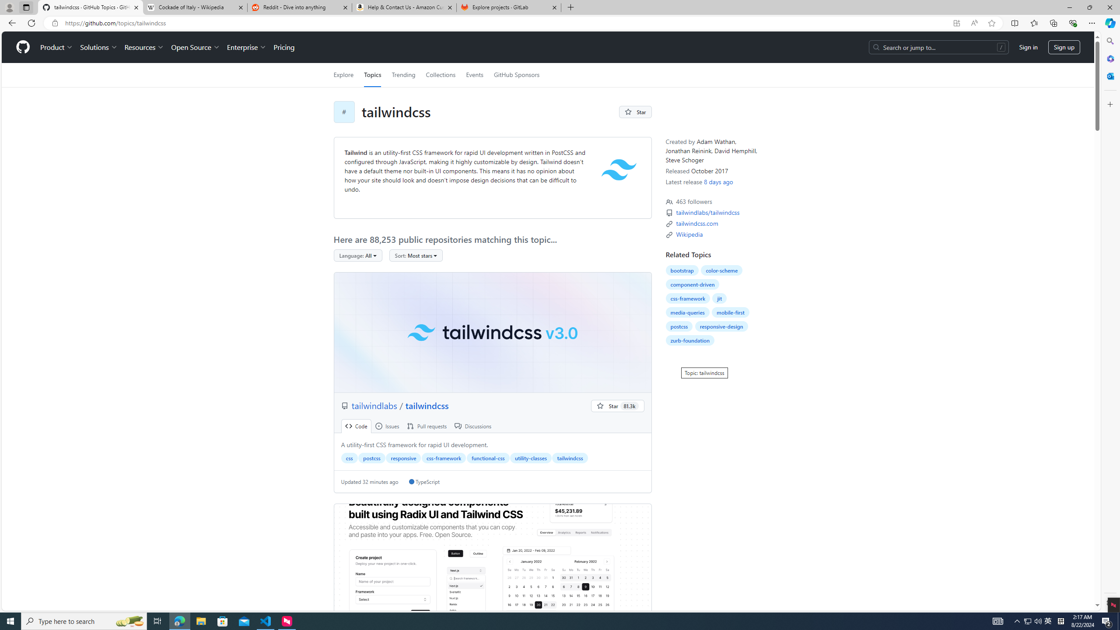  Describe the element at coordinates (682, 270) in the screenshot. I see `'bootstrap'` at that location.